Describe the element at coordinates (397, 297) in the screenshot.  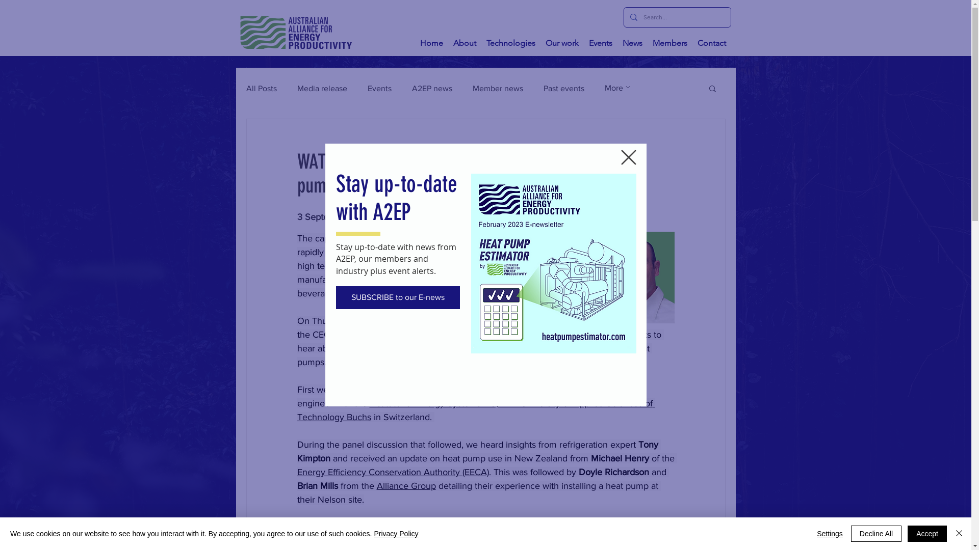
I see `'SUBSCRIBE to our E-news'` at that location.